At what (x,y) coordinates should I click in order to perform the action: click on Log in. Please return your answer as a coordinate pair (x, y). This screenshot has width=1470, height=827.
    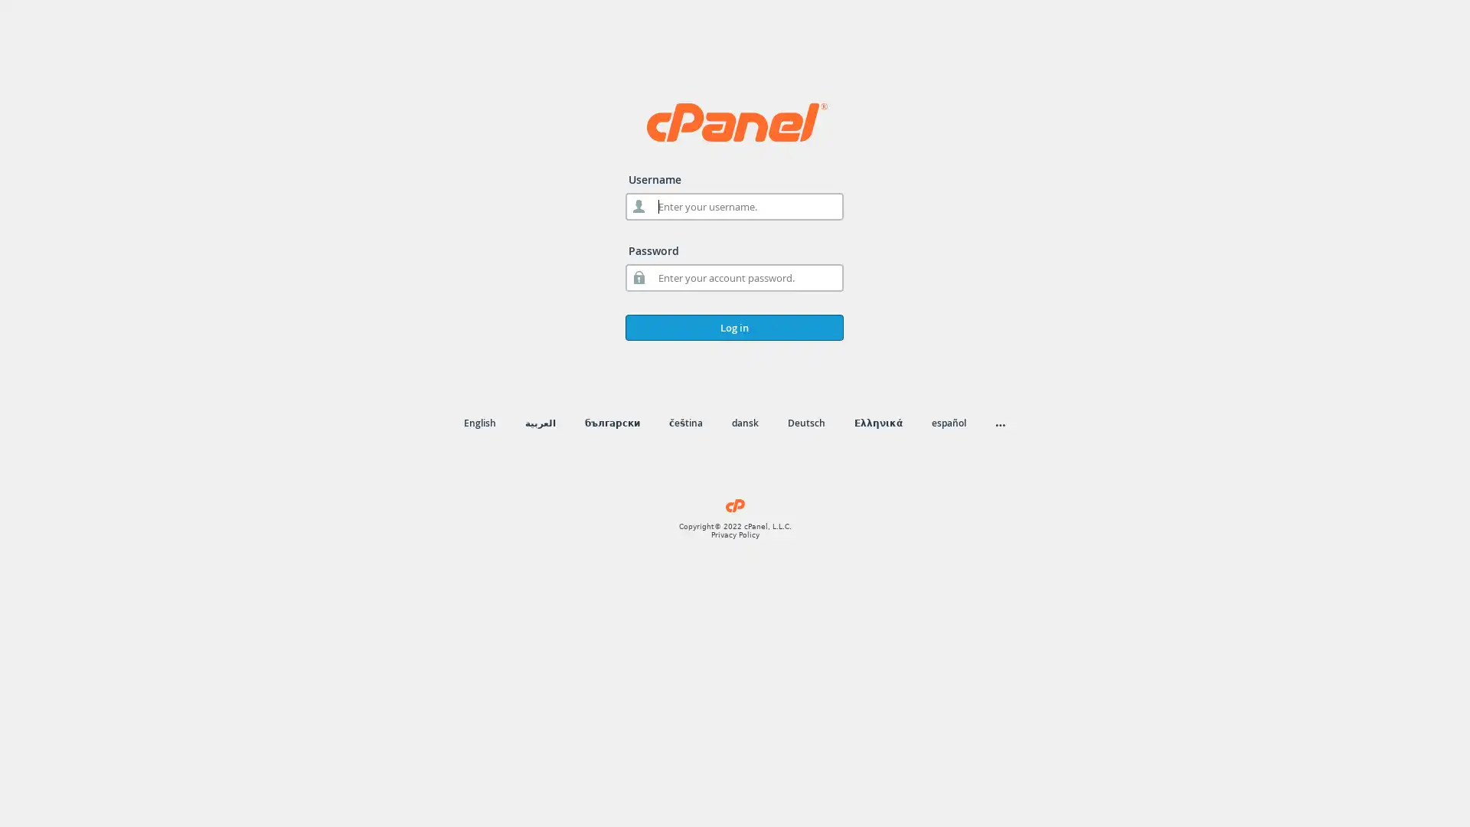
    Looking at the image, I should click on (733, 327).